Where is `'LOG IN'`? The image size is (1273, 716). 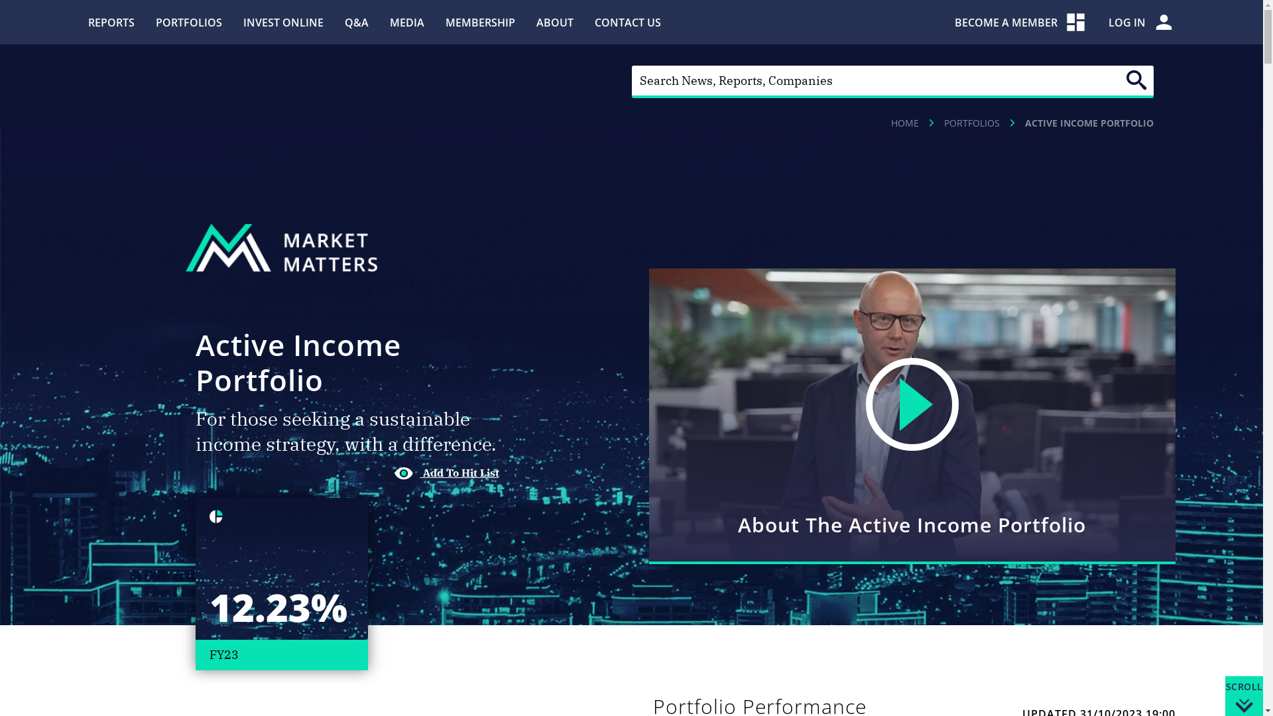
'LOG IN' is located at coordinates (1141, 22).